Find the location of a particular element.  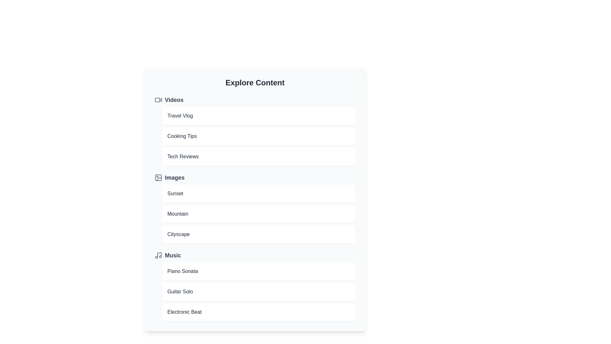

the item Cooking Tips to open it is located at coordinates (259, 136).